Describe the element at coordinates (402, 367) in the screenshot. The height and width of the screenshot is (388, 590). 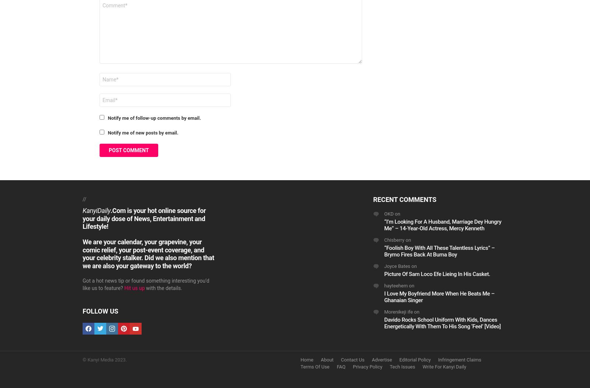
I see `'Tech Issues'` at that location.